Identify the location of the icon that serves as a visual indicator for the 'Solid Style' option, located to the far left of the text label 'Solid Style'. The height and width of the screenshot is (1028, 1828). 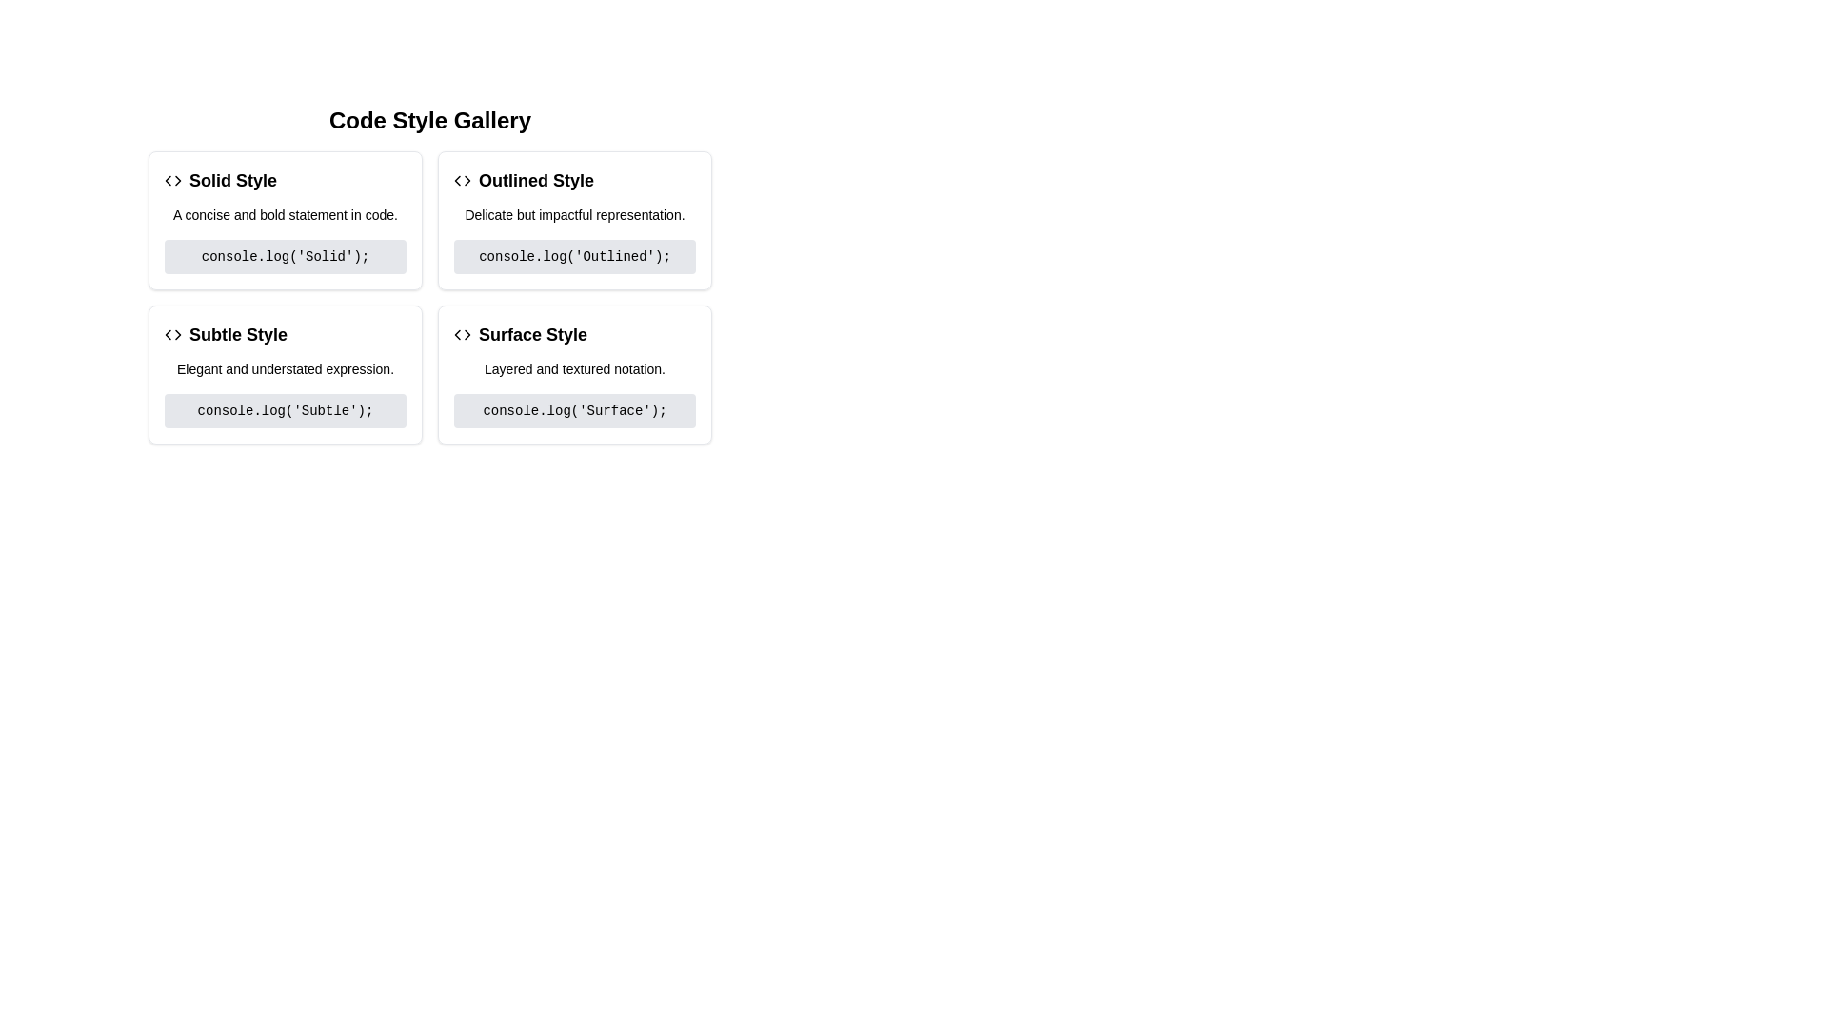
(173, 180).